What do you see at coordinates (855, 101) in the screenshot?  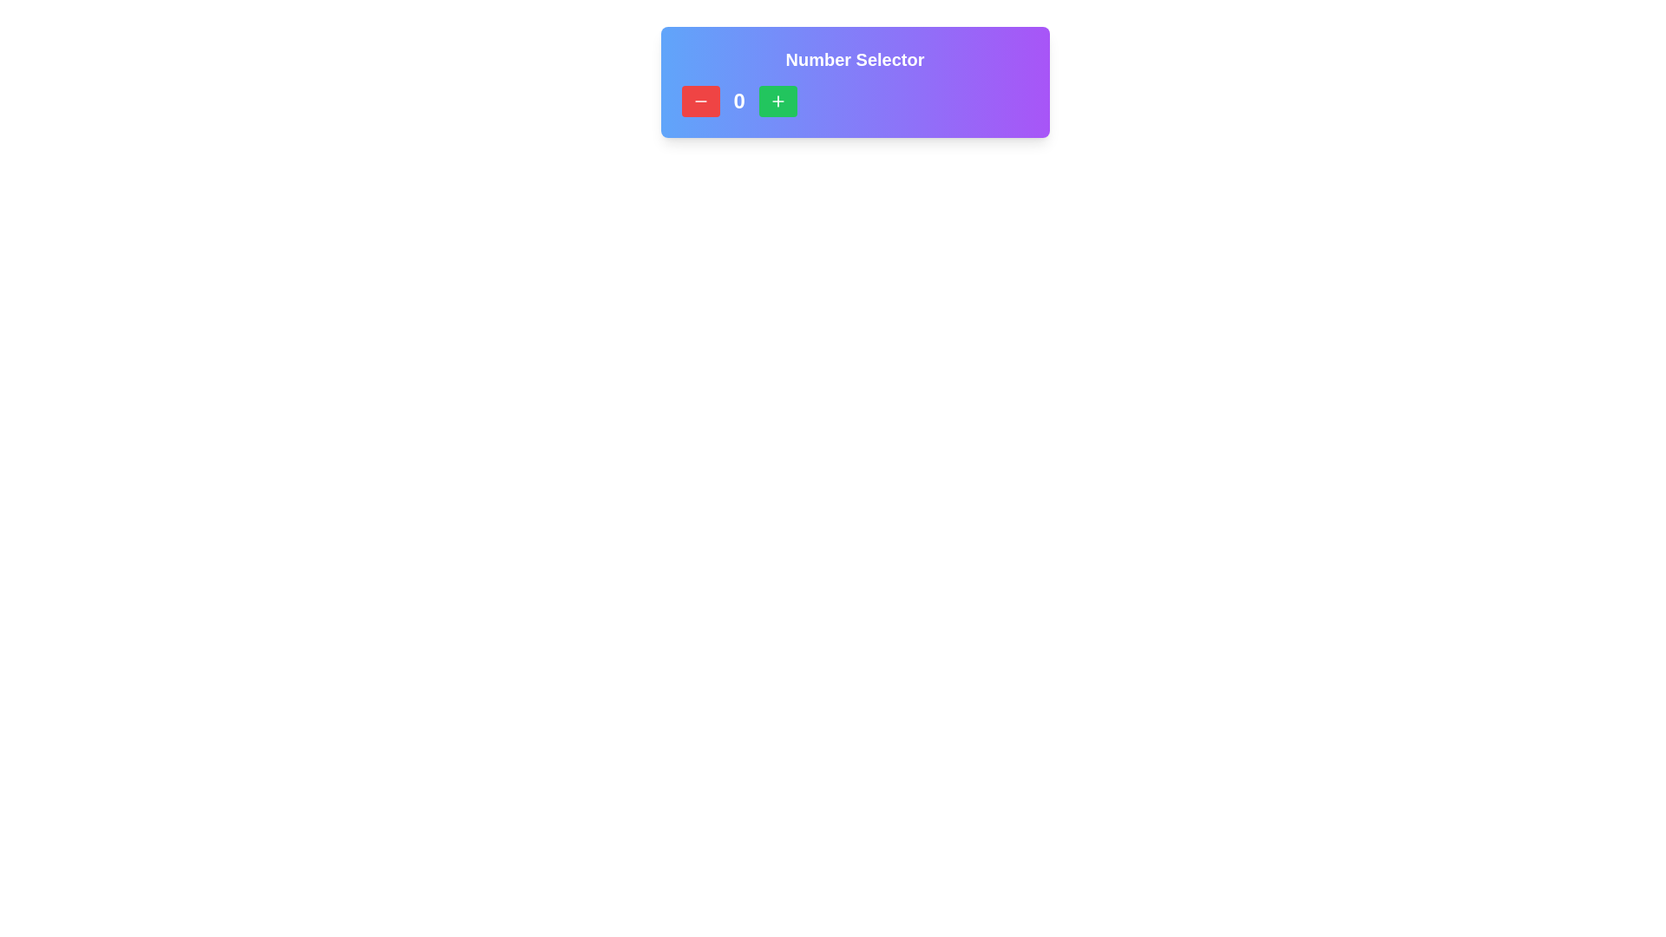 I see `the number display showing the value '0', which is styled with bold white text and is located between a red minus button and a green plus button within the 'Number Selector' card` at bounding box center [855, 101].